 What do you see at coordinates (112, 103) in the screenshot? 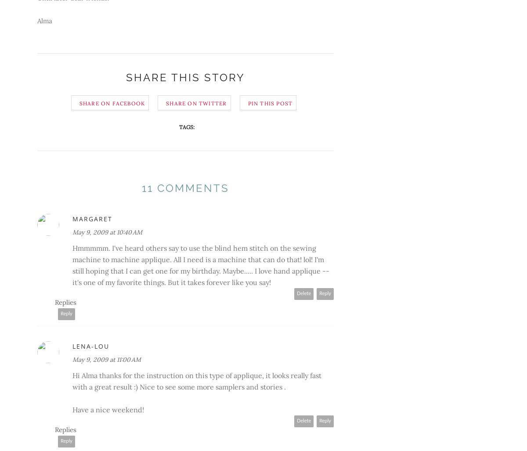
I see `'Share on Facebook'` at bounding box center [112, 103].